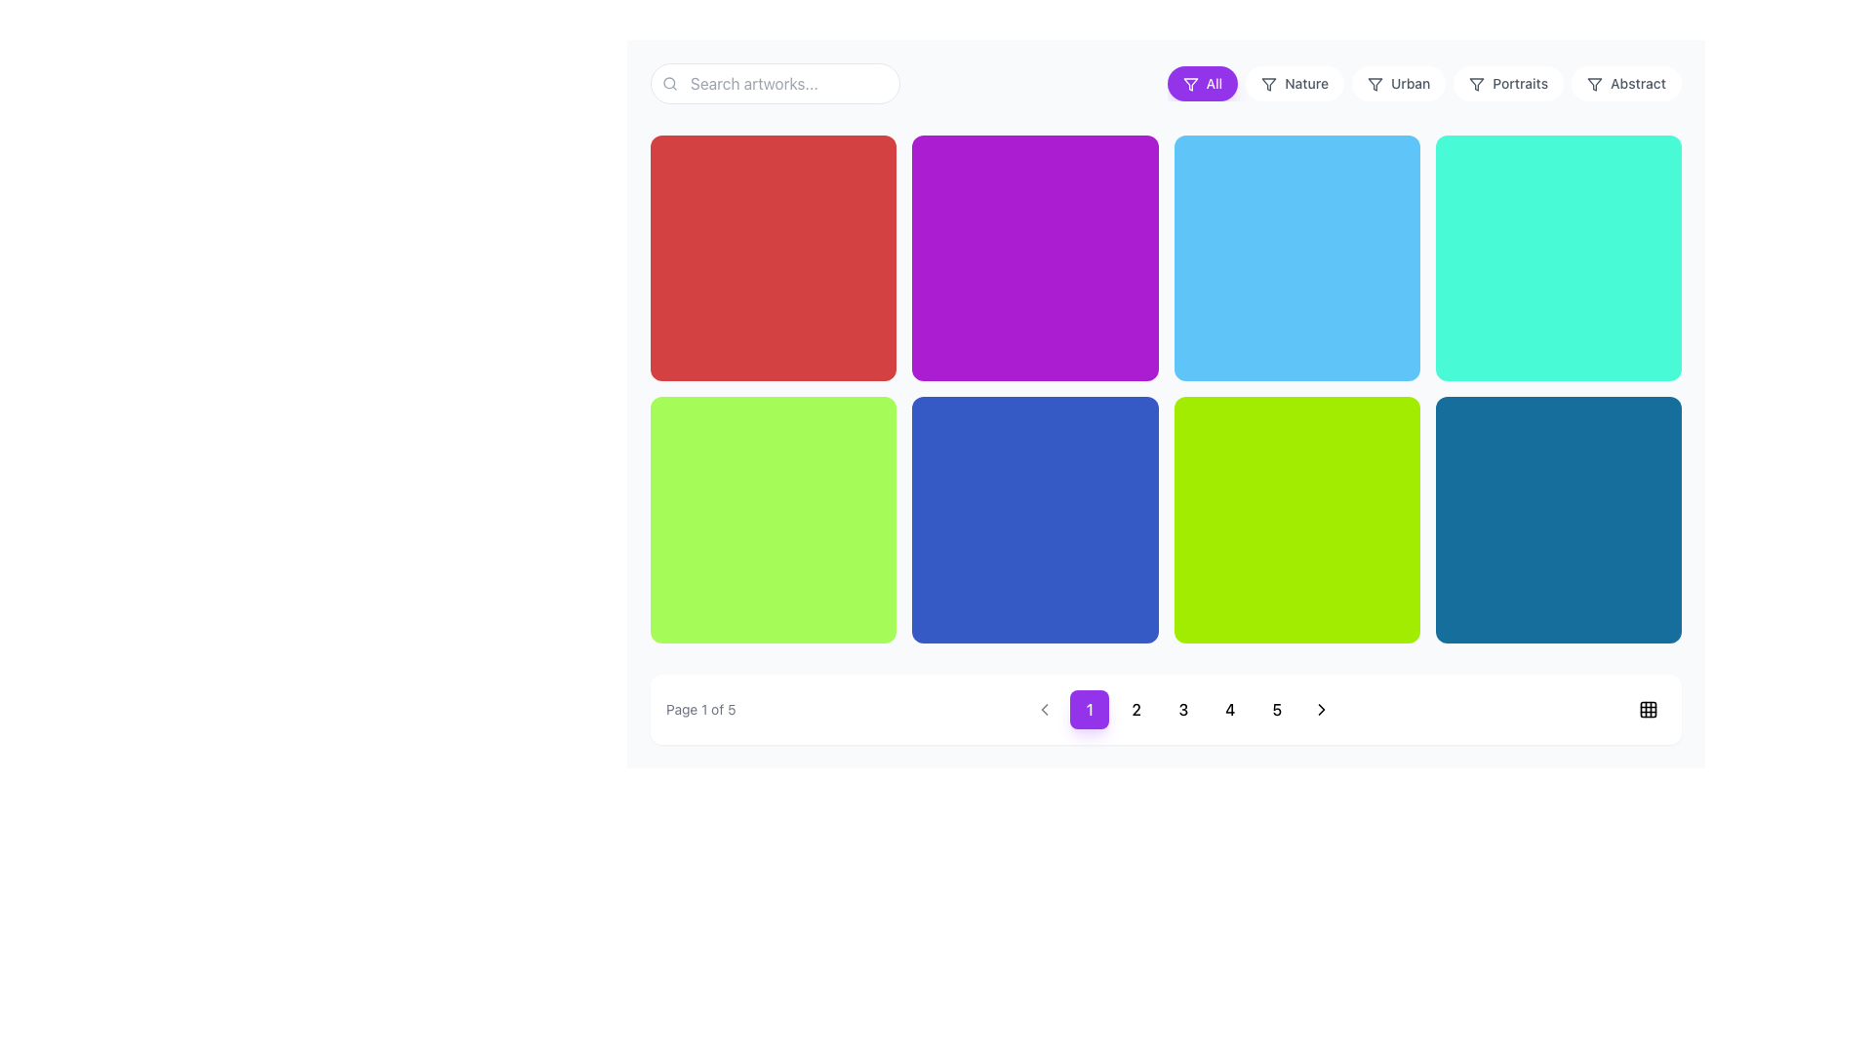 Image resolution: width=1873 pixels, height=1053 pixels. Describe the element at coordinates (1398, 82) in the screenshot. I see `the 'Urban' filter tab, which is the third filter tab from the left in a horizontal row of filters at the top of the interface` at that location.